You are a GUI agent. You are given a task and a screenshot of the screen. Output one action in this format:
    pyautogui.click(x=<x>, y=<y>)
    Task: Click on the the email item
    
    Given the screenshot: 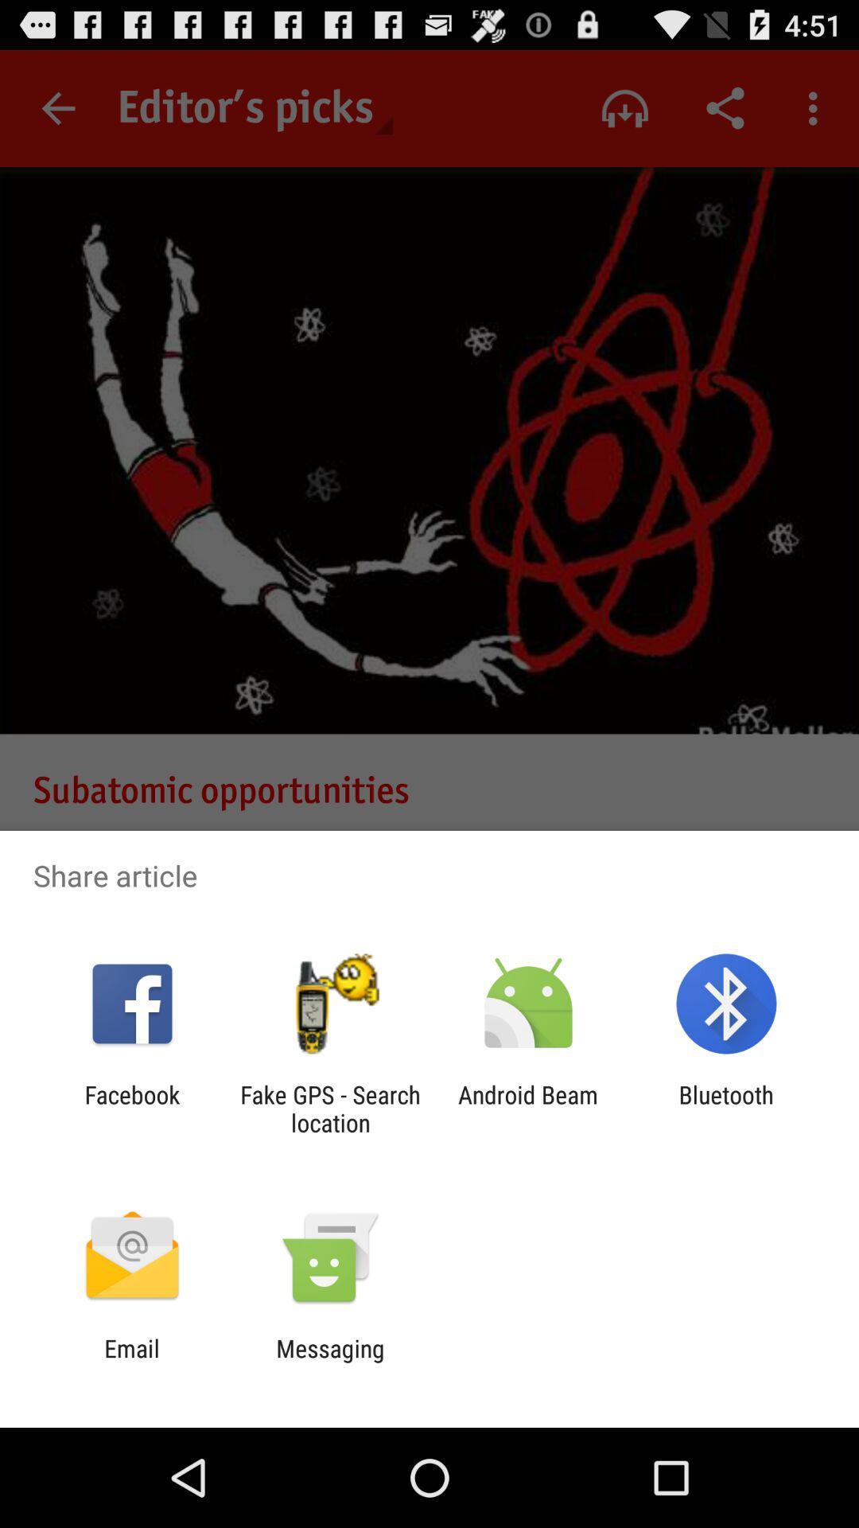 What is the action you would take?
    pyautogui.click(x=131, y=1362)
    